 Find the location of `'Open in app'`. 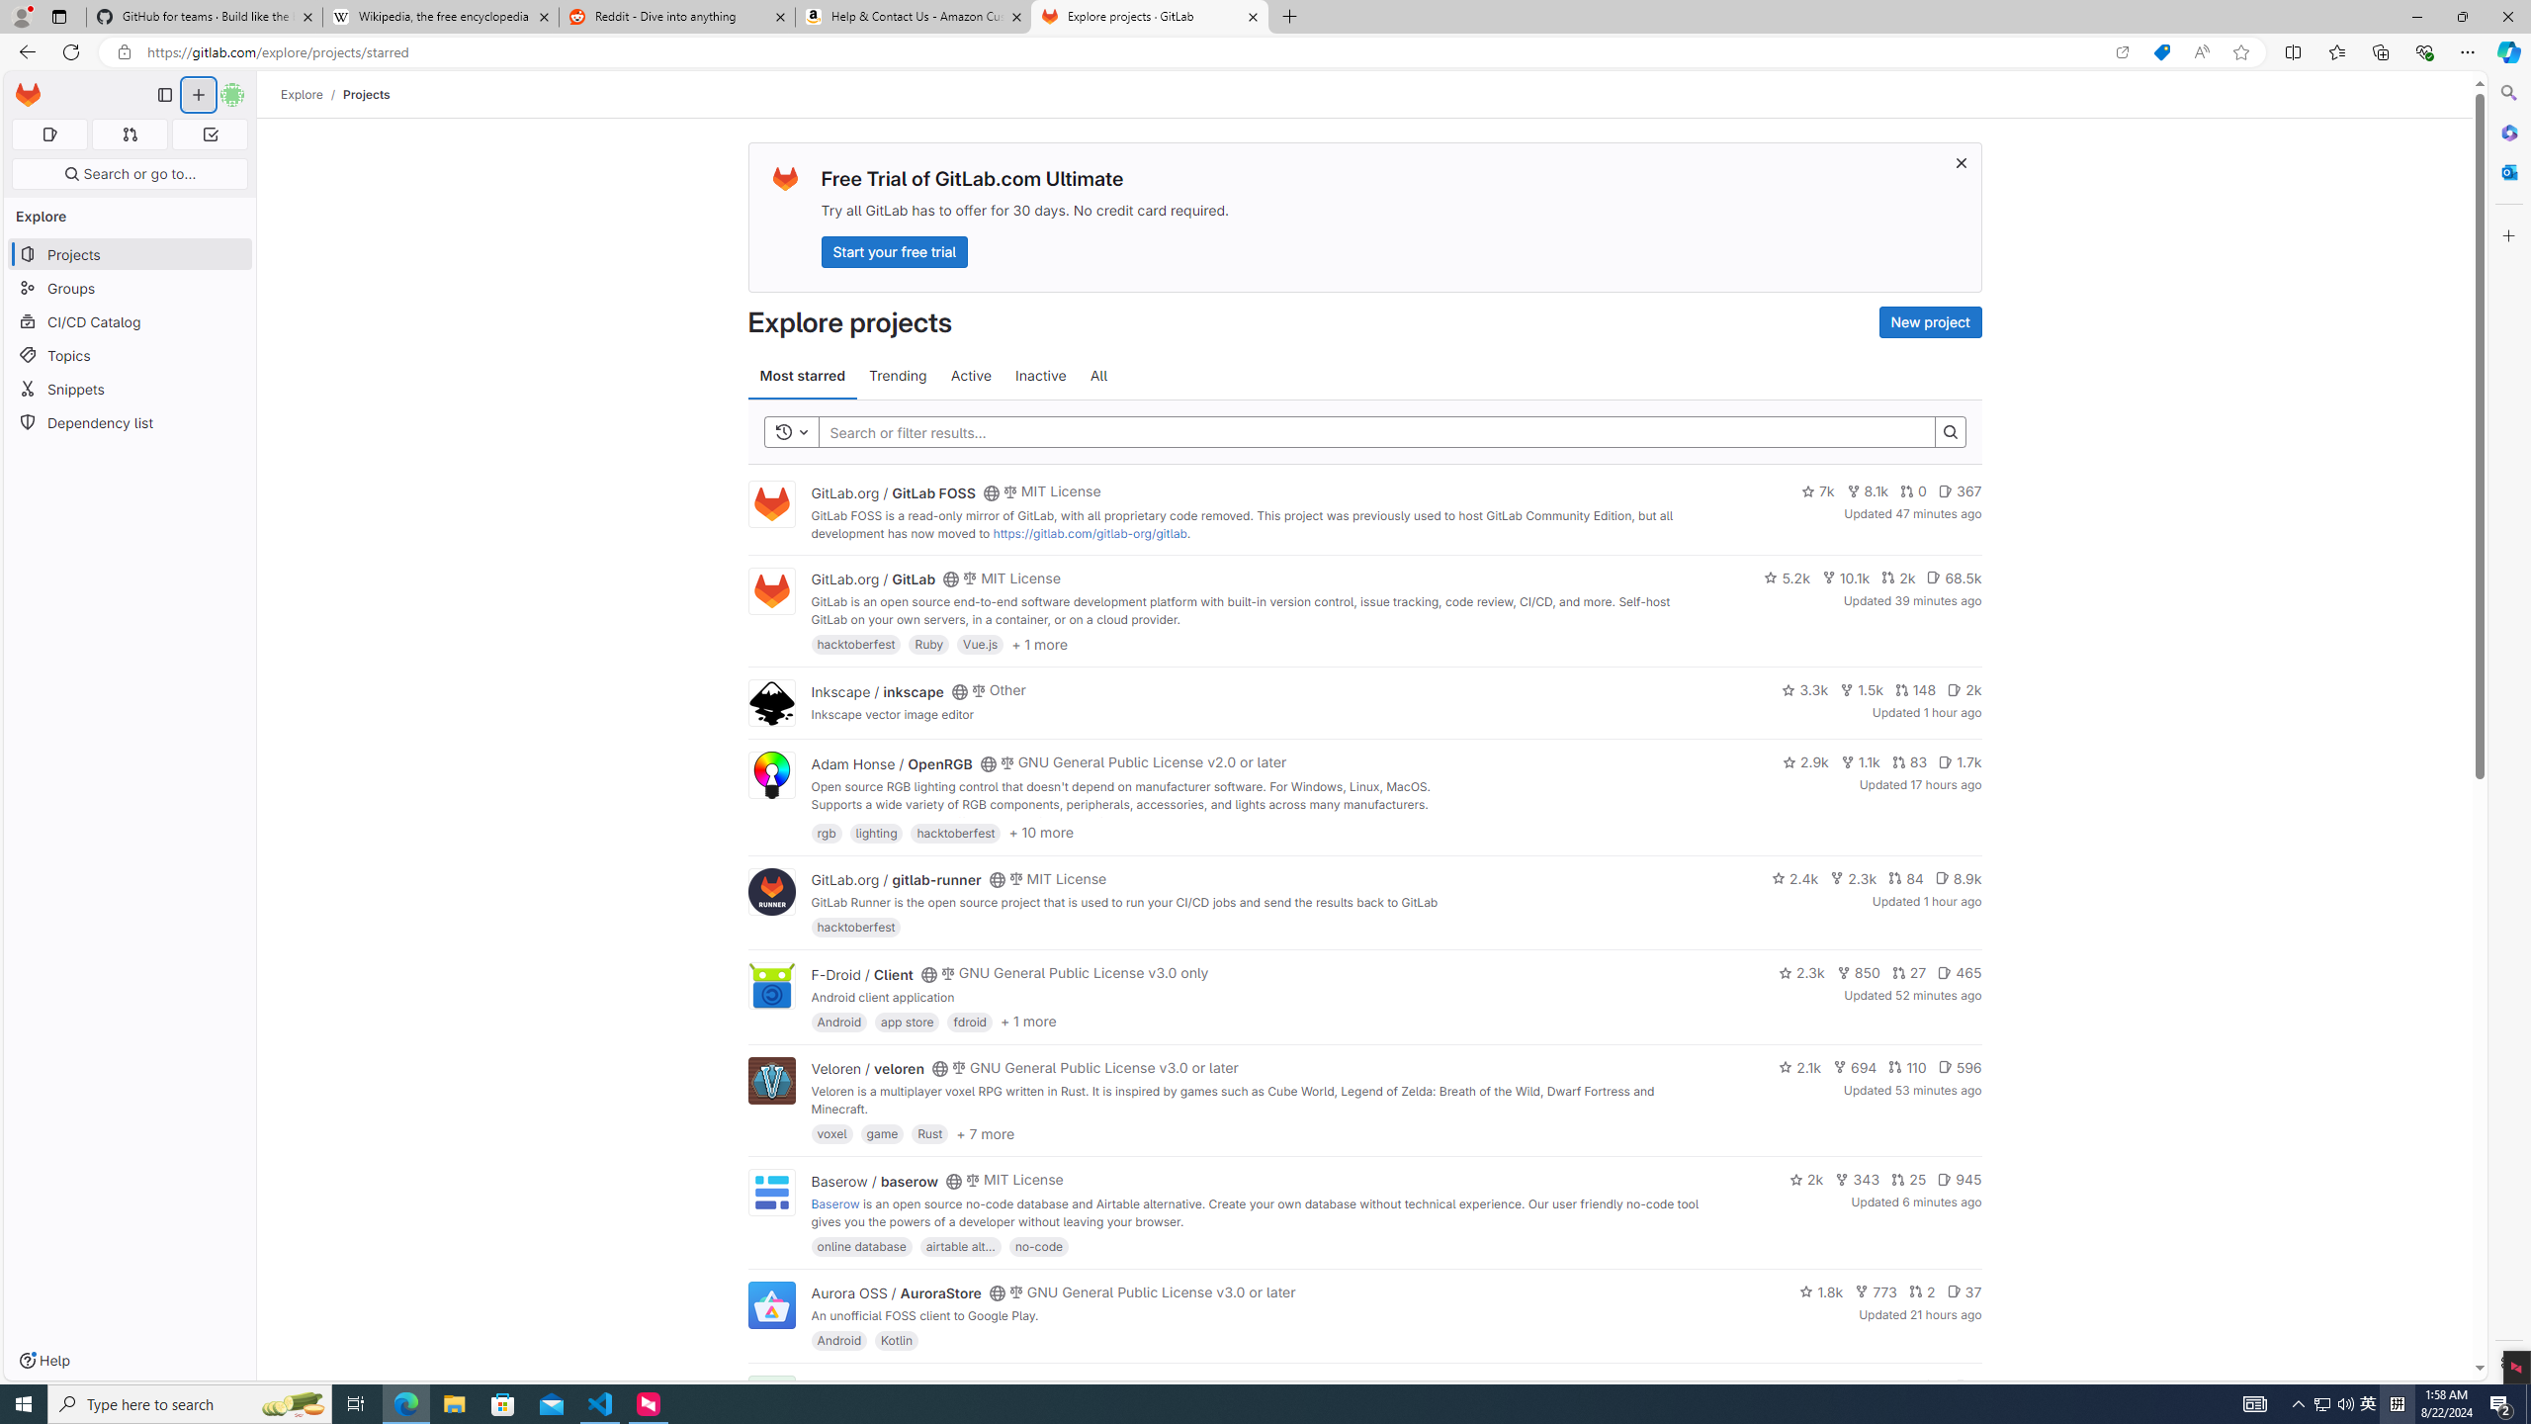

'Open in app' is located at coordinates (2121, 52).